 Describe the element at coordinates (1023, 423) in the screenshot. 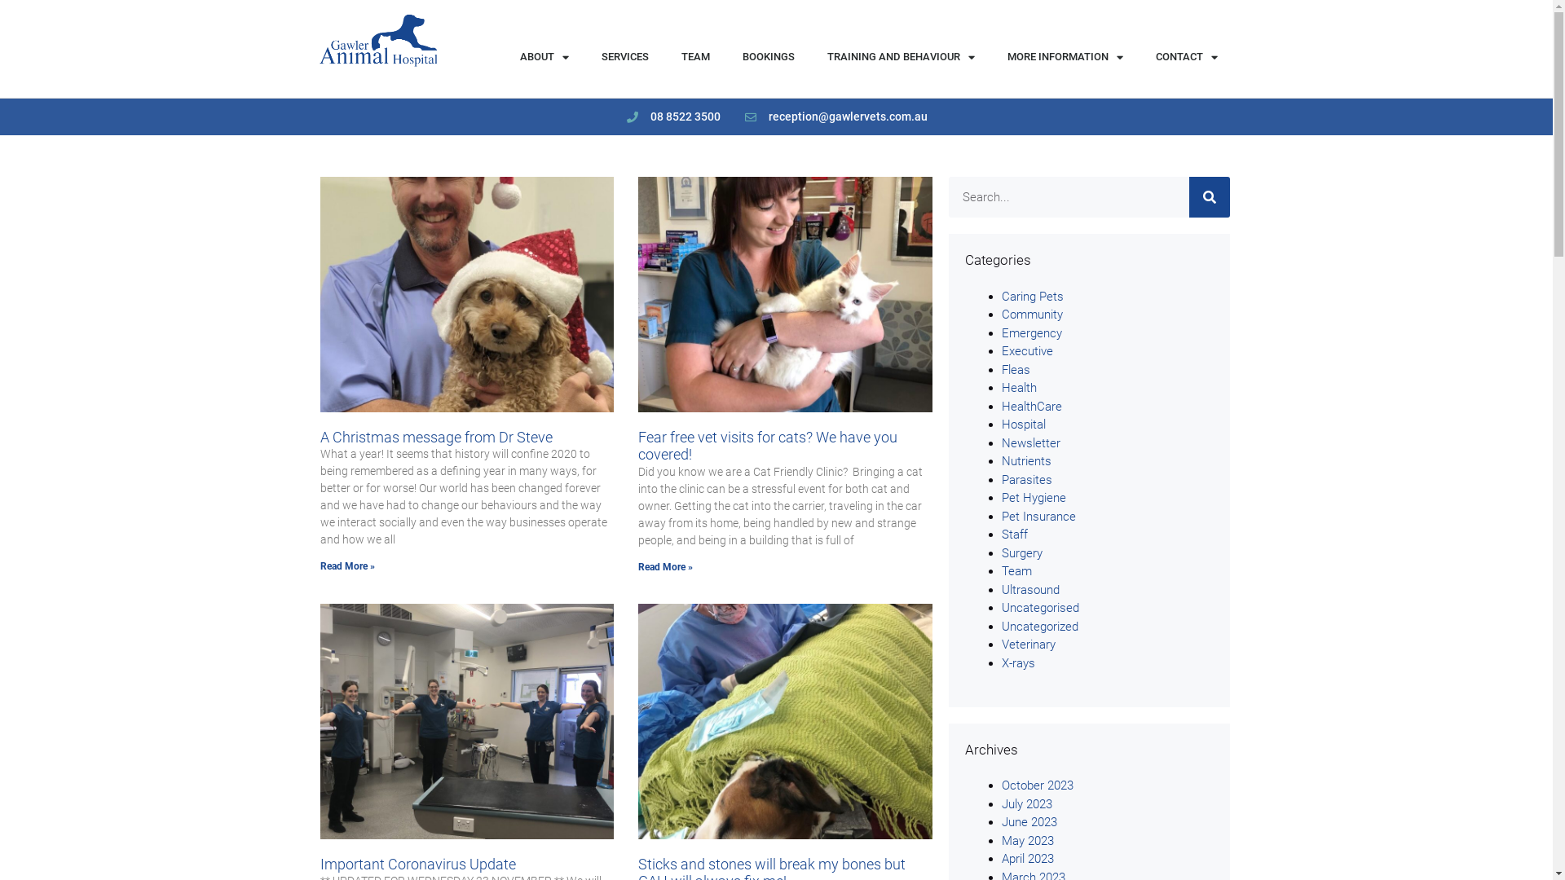

I see `'Hospital'` at that location.